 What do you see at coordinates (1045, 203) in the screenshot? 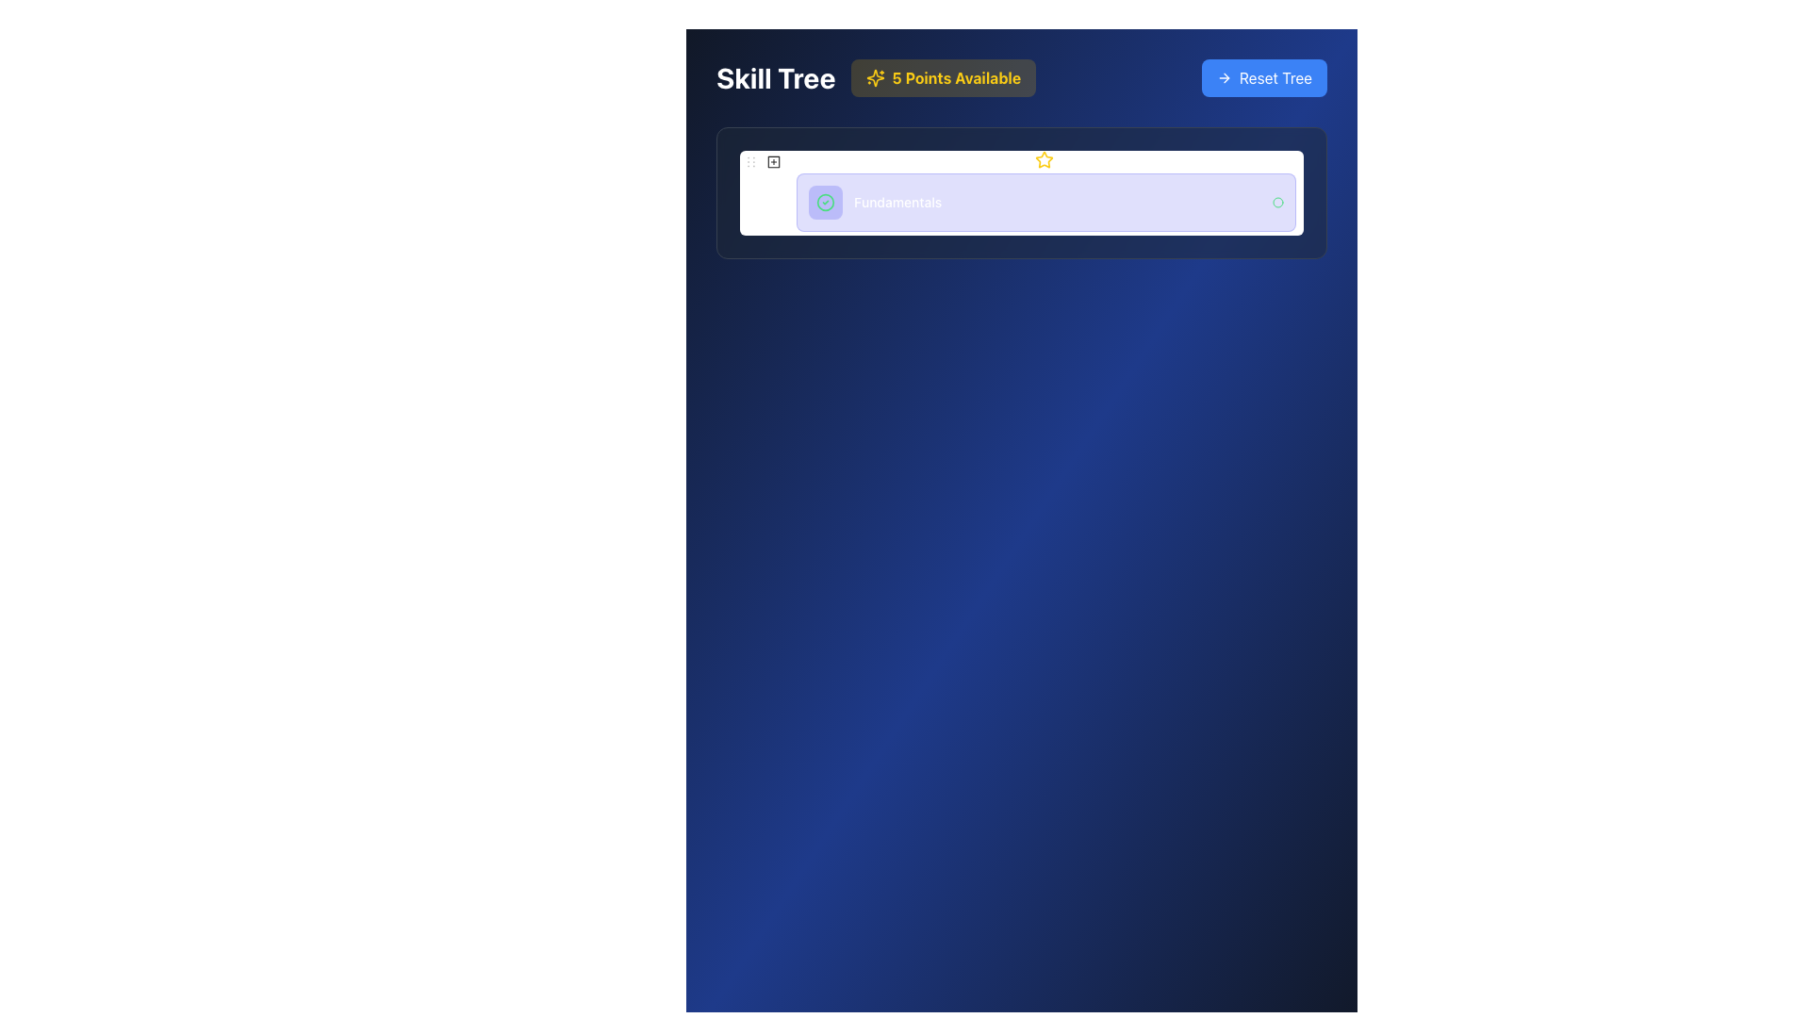
I see `the 'Fundamentals' list item in the skill tree, which is a horizontal bar with rounded corners and a light indigo background` at bounding box center [1045, 203].